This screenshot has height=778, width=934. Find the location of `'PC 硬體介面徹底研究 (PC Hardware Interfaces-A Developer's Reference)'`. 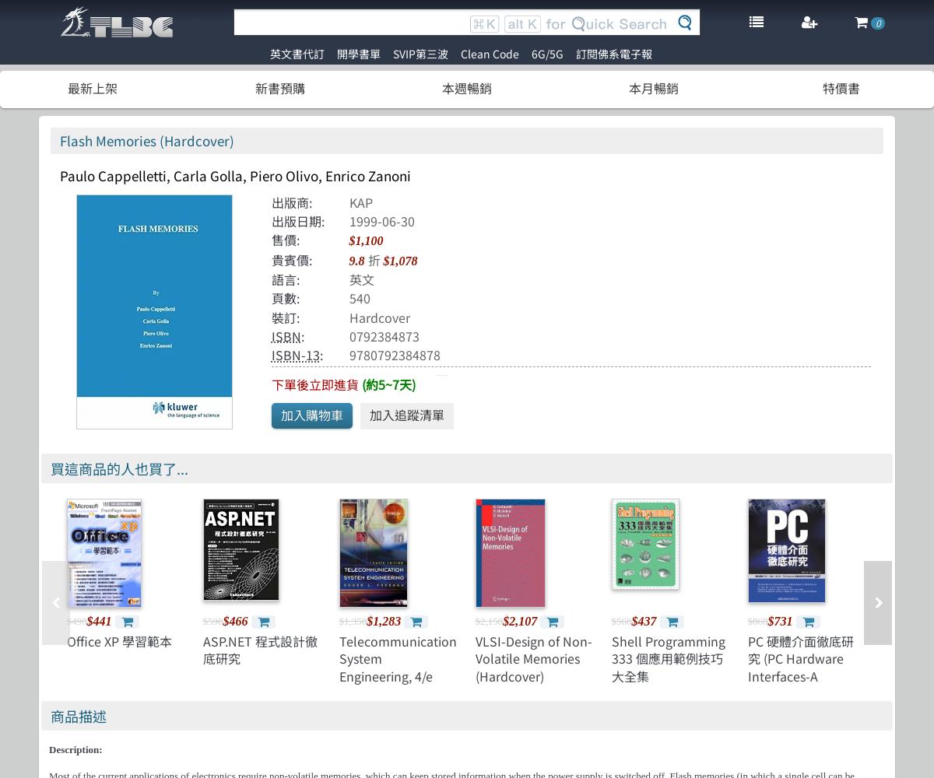

'PC 硬體介面徹底研究 (PC Hardware Interfaces-A Developer's Reference)' is located at coordinates (800, 675).